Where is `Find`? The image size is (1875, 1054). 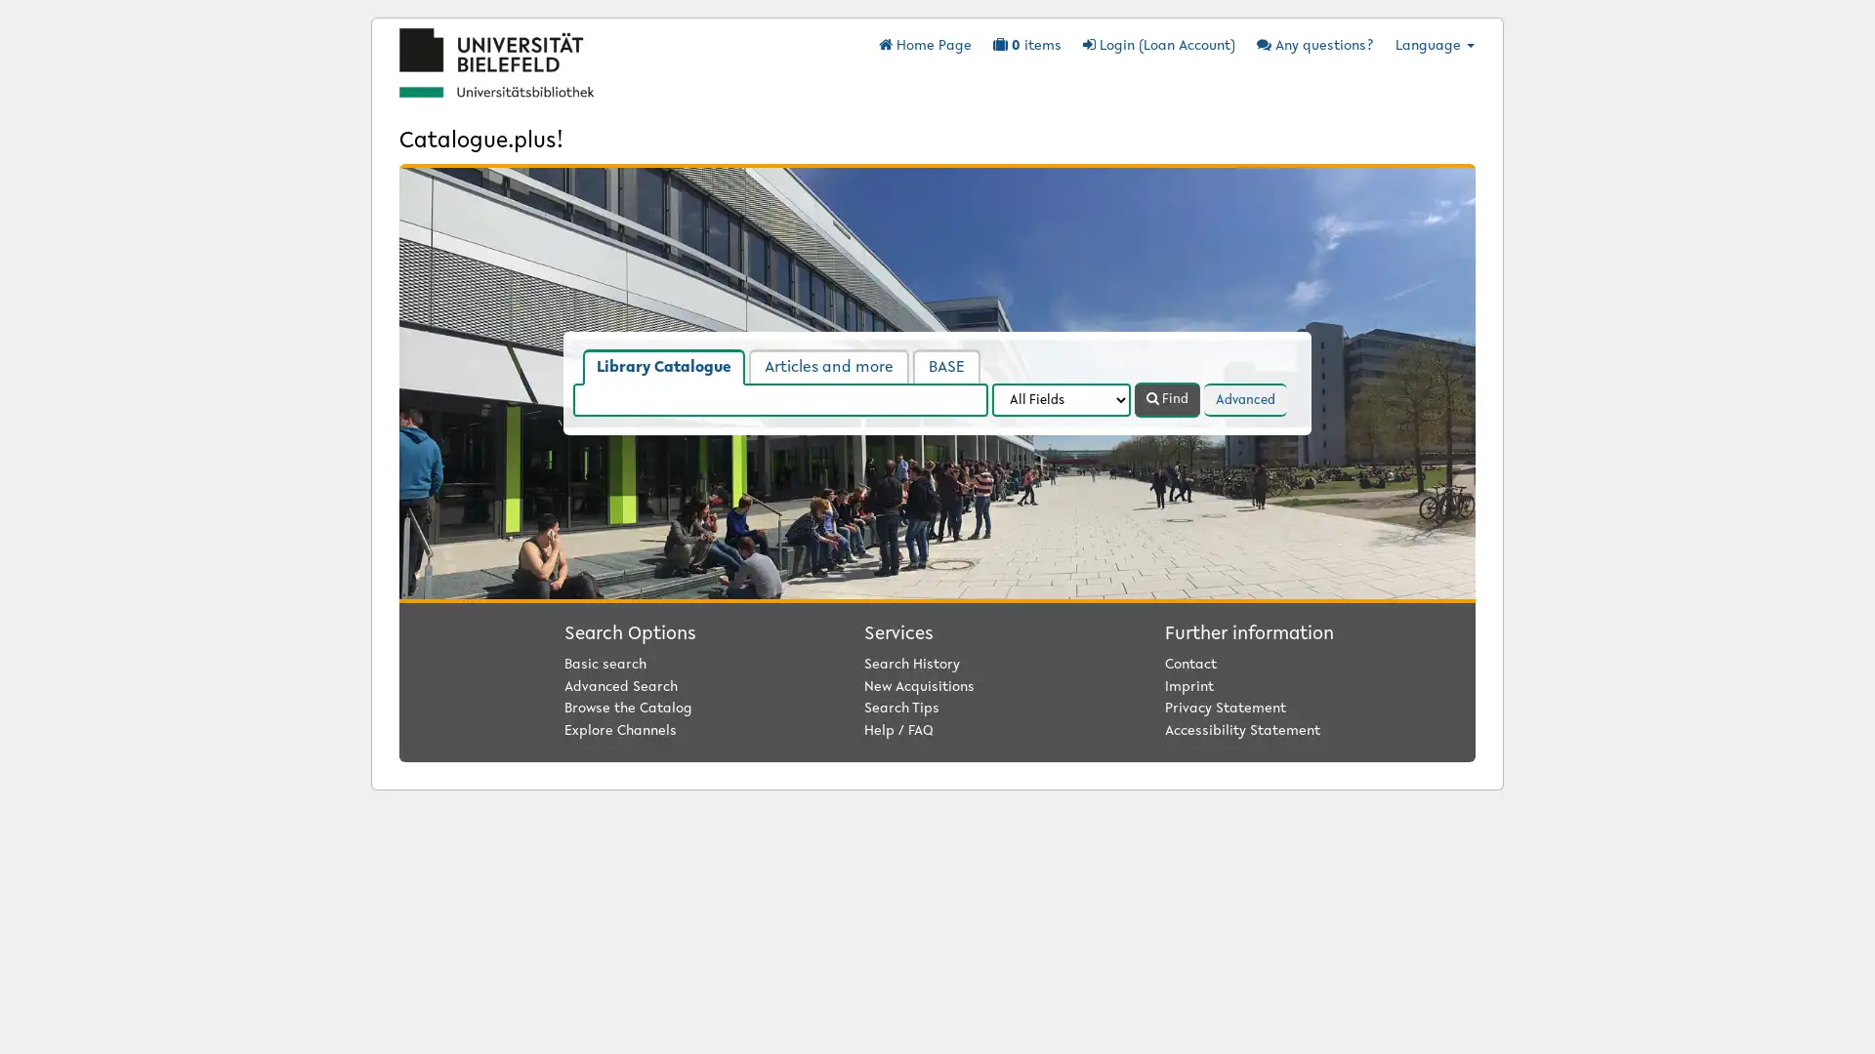 Find is located at coordinates (1167, 398).